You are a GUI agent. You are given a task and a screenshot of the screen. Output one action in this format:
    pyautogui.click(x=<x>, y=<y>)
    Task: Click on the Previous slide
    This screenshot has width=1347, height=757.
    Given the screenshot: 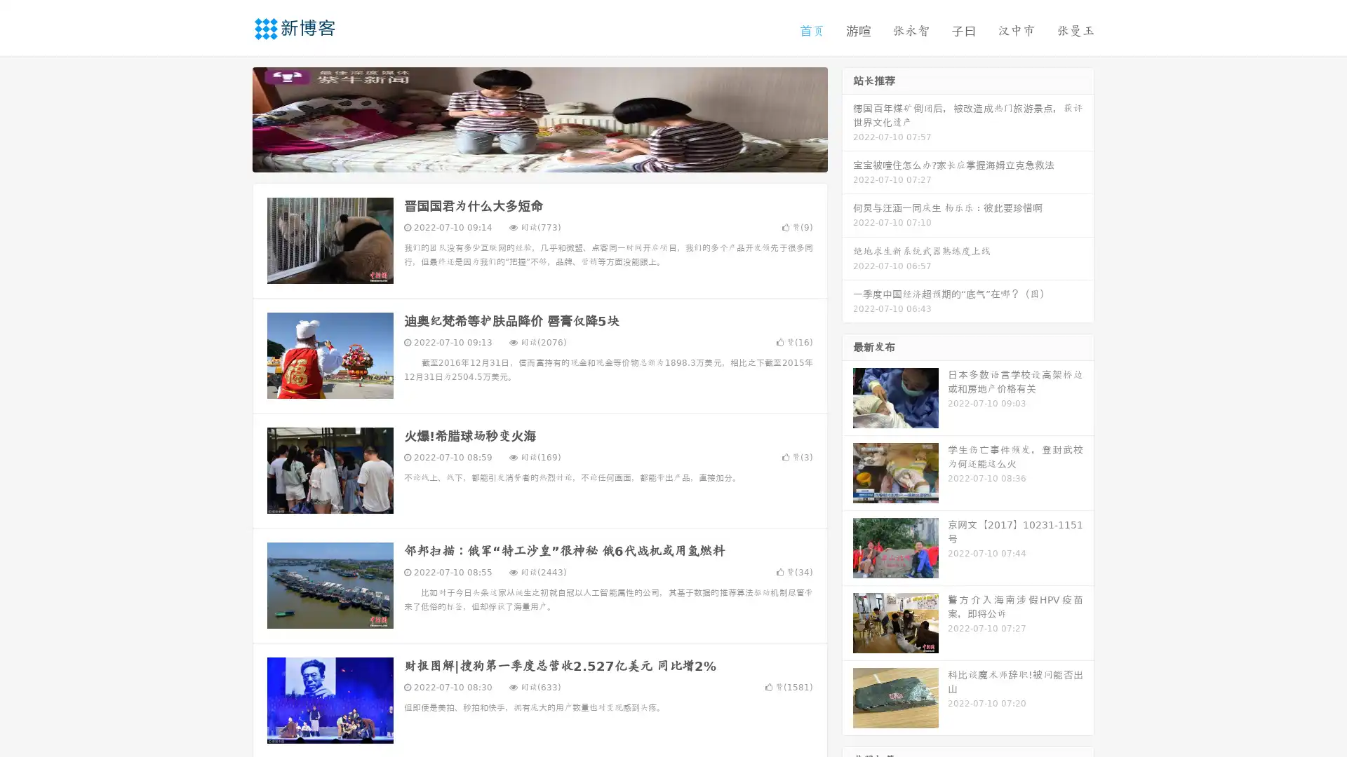 What is the action you would take?
    pyautogui.click(x=232, y=118)
    